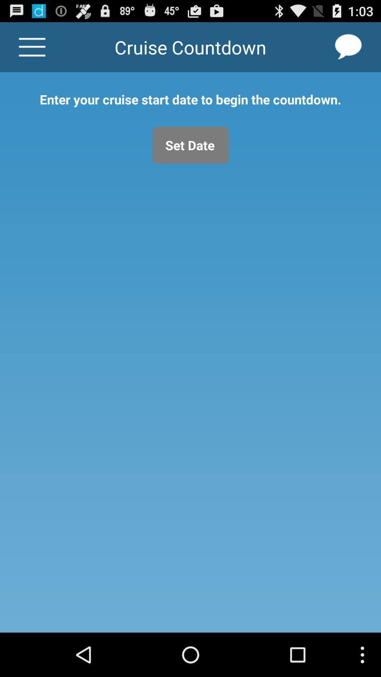  What do you see at coordinates (348, 50) in the screenshot?
I see `the chat icon` at bounding box center [348, 50].